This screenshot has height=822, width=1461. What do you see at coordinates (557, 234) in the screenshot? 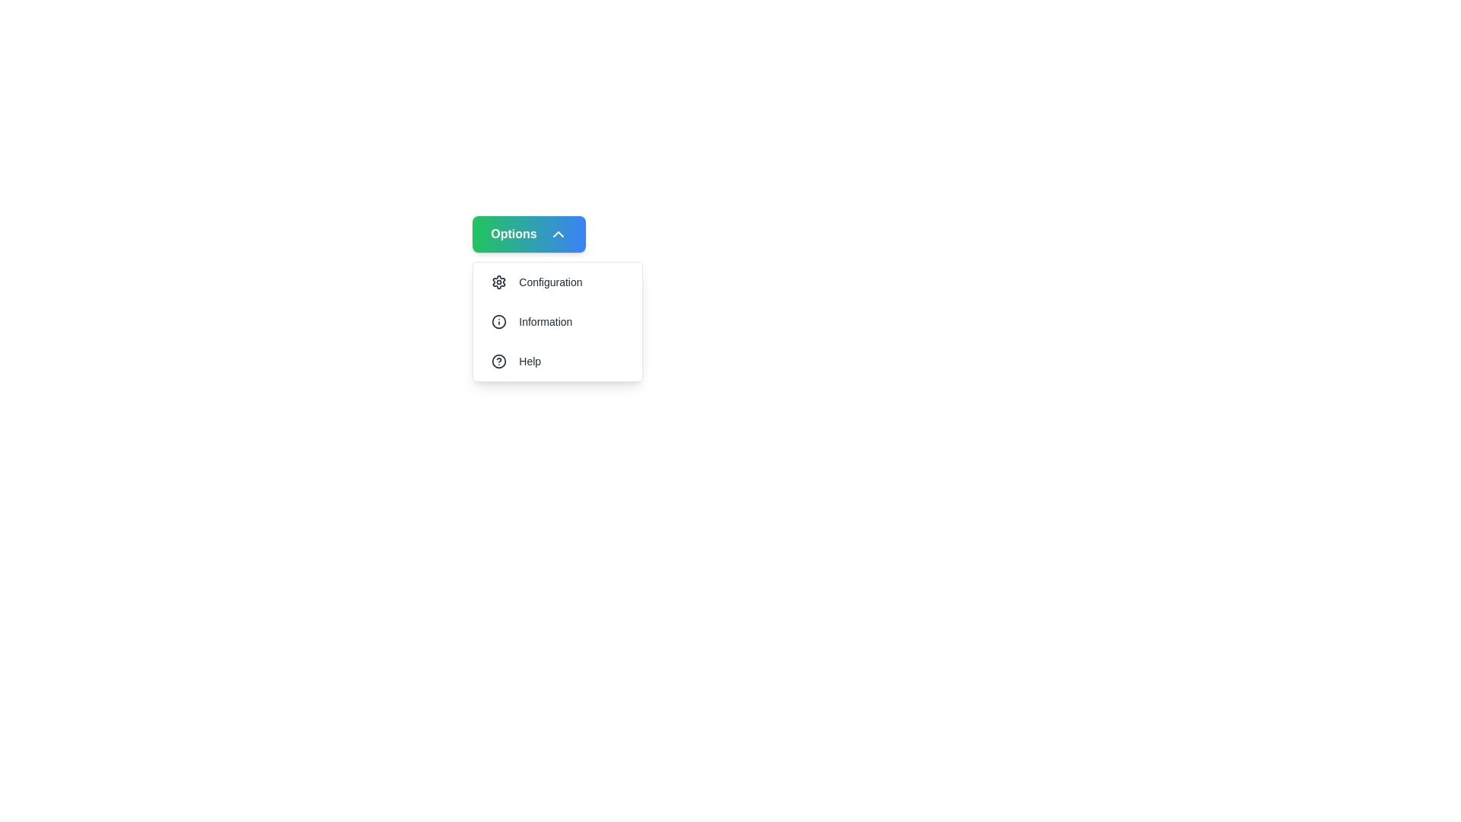
I see `the small triangular icon pointing upwards with a white border, located to the right of the text 'Options' within the gradient green to blue button` at bounding box center [557, 234].